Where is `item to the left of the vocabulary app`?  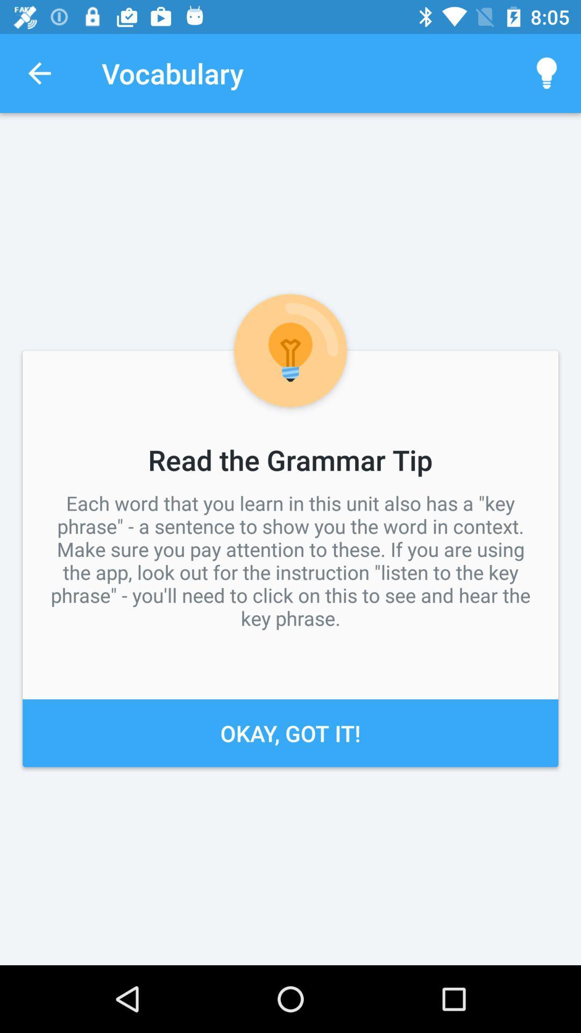
item to the left of the vocabulary app is located at coordinates (39, 73).